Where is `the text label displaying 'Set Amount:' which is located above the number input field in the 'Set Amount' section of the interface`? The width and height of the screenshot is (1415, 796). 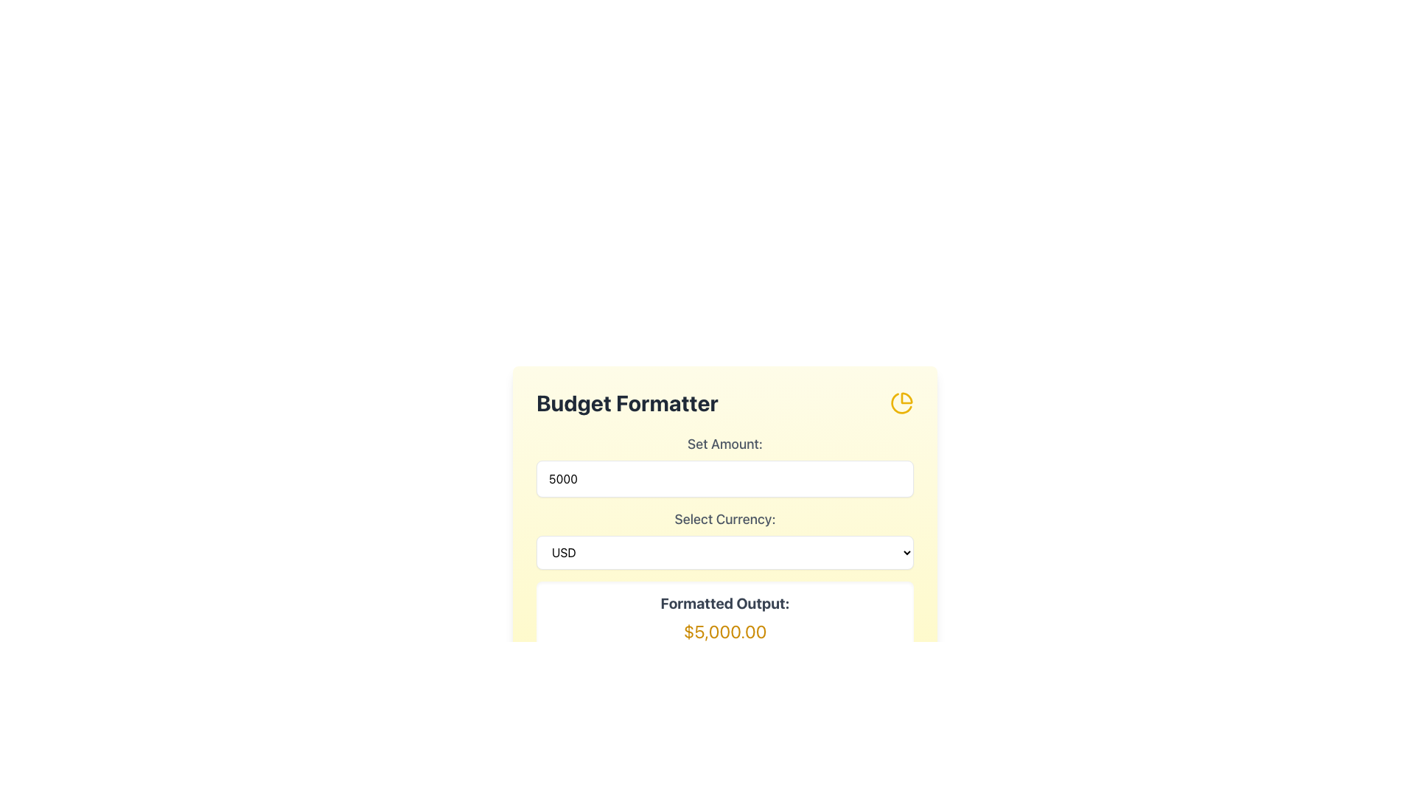
the text label displaying 'Set Amount:' which is located above the number input field in the 'Set Amount' section of the interface is located at coordinates (724, 443).